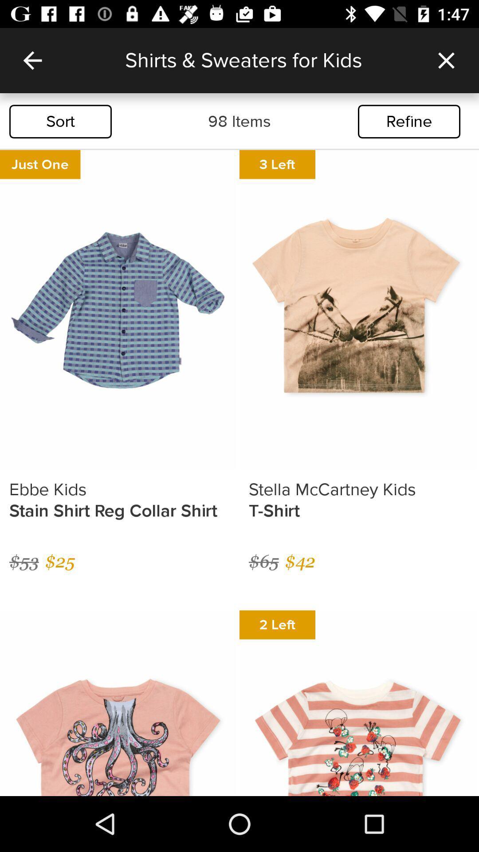  What do you see at coordinates (446, 60) in the screenshot?
I see `item to the right of shirts sweaters for icon` at bounding box center [446, 60].